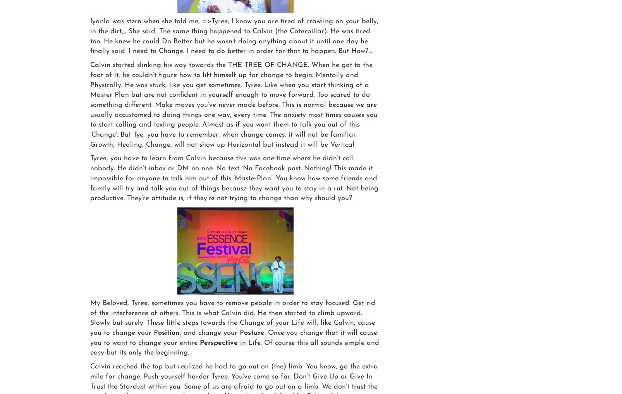  Describe the element at coordinates (254, 332) in the screenshot. I see `'osture'` at that location.